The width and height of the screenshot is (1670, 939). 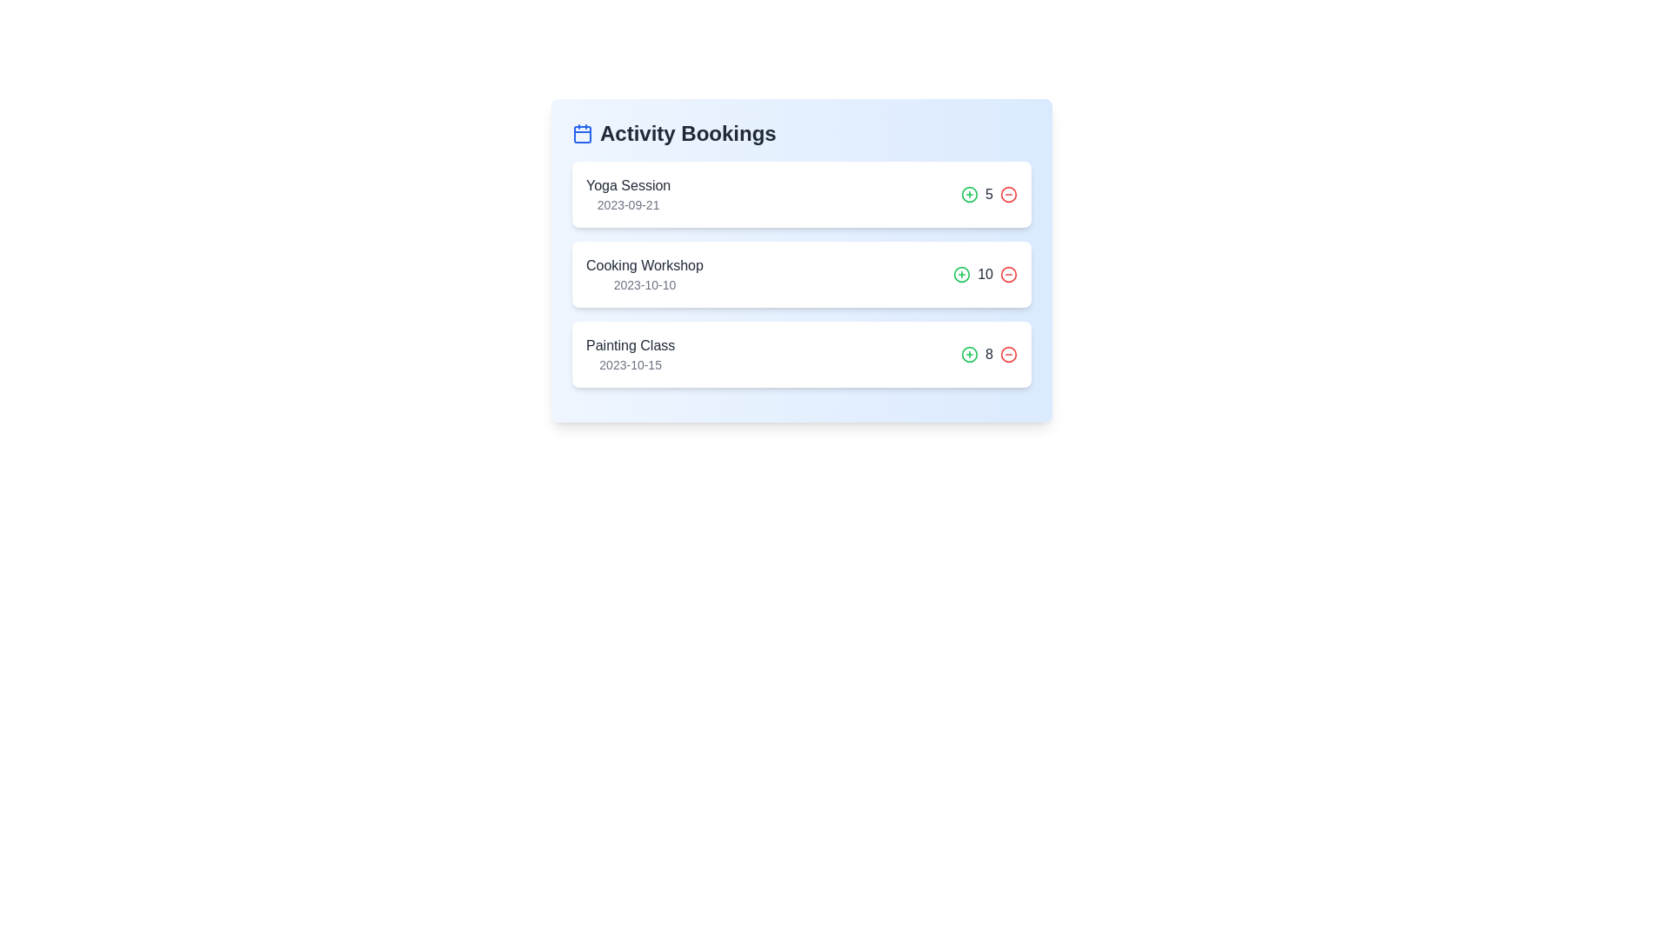 I want to click on the activity name to view its details. Specify the activity name as Painting Class, so click(x=629, y=345).